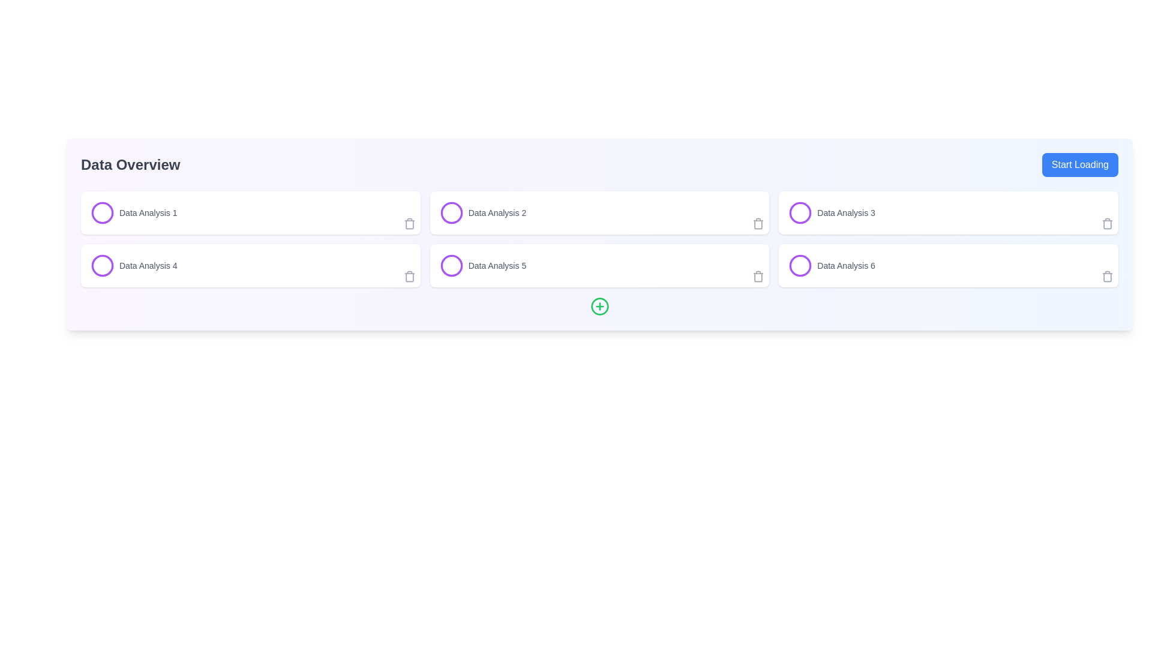 The width and height of the screenshot is (1152, 648). Describe the element at coordinates (103, 265) in the screenshot. I see `the circular icon or indicator located to the left of the 'Data Analysis 4' text line in the interface's grid layout` at that location.